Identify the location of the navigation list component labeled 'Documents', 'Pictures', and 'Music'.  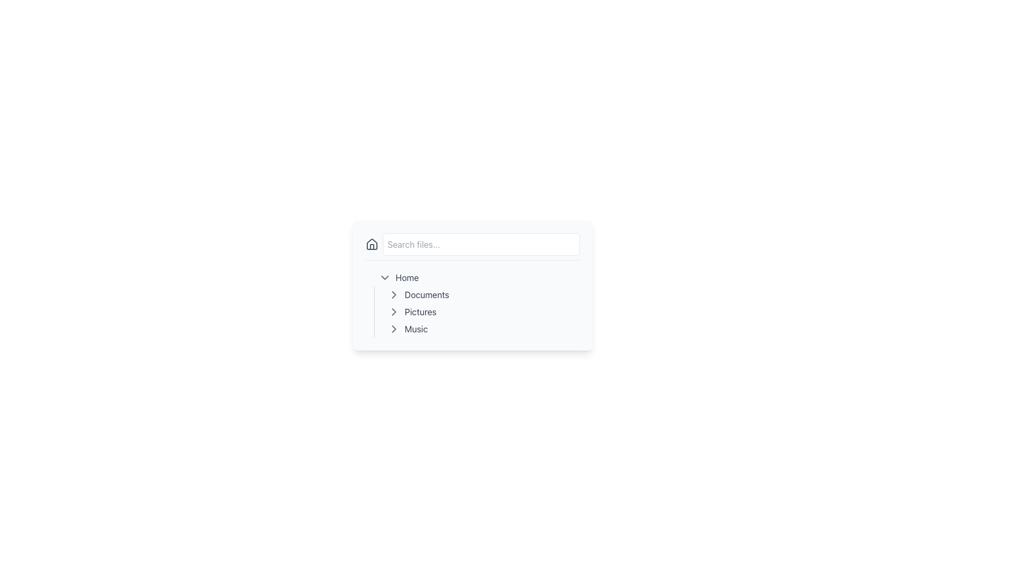
(477, 311).